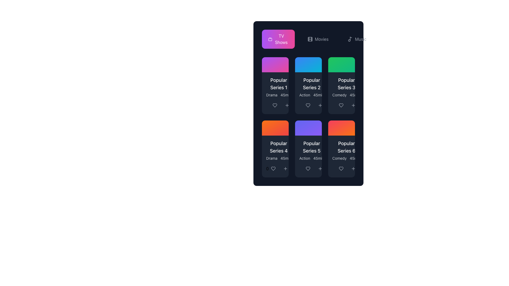 This screenshot has height=286, width=509. What do you see at coordinates (346, 147) in the screenshot?
I see `the title label for the card that identifies 'Popular Series 6', located in the bottom right card of the grid` at bounding box center [346, 147].